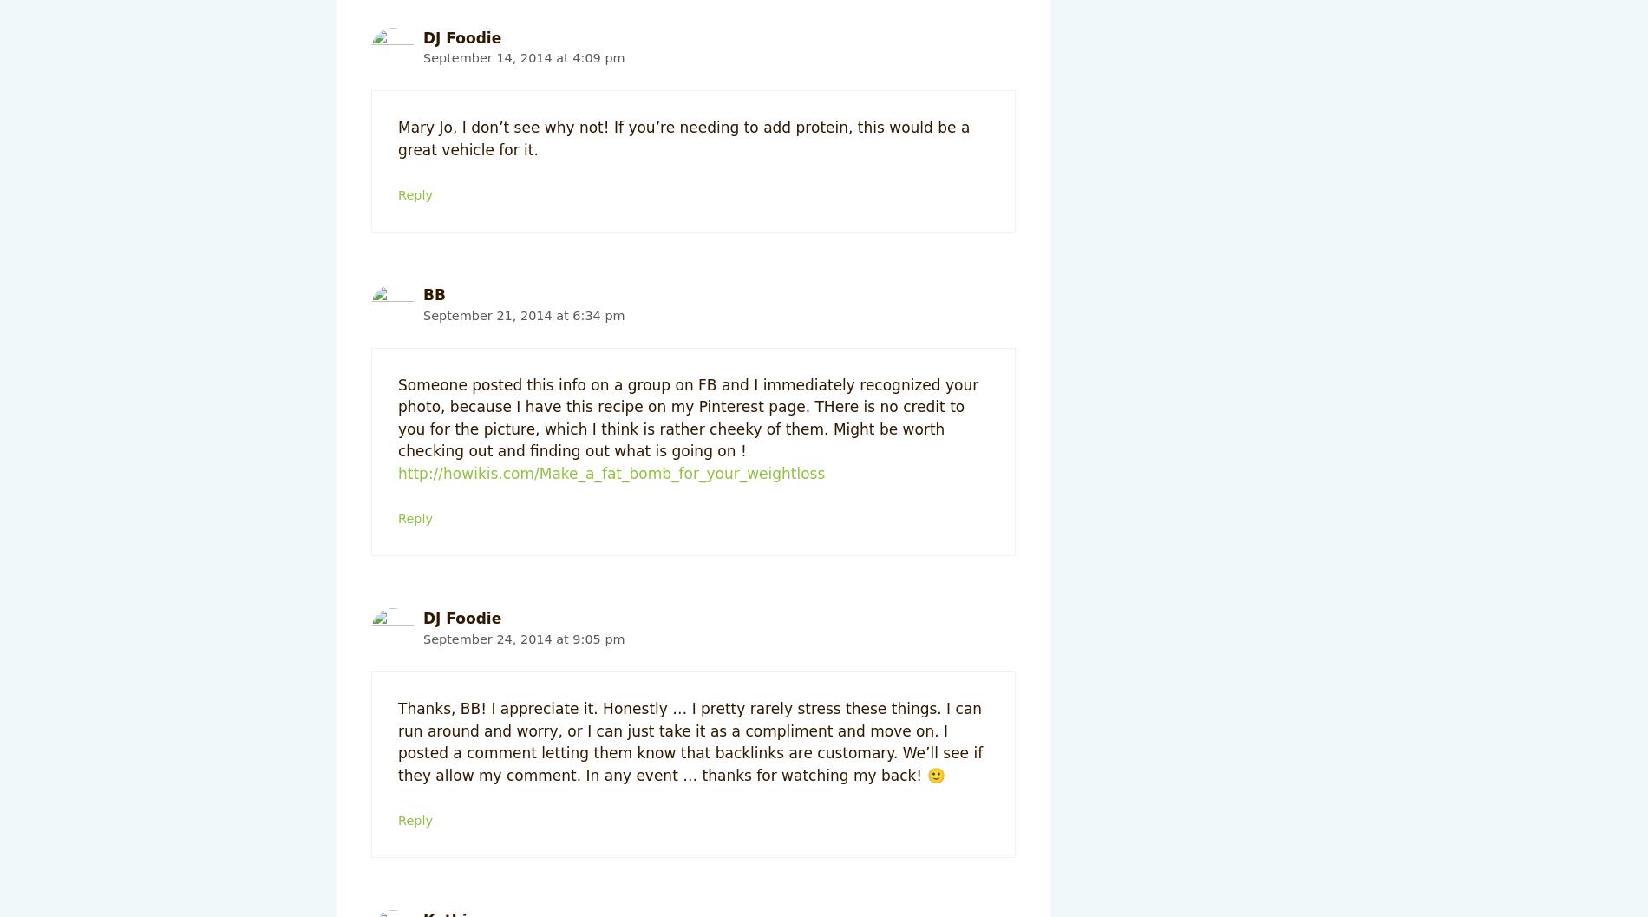 The image size is (1648, 917). What do you see at coordinates (524, 637) in the screenshot?
I see `'September 24, 2014 at 9:05 pm'` at bounding box center [524, 637].